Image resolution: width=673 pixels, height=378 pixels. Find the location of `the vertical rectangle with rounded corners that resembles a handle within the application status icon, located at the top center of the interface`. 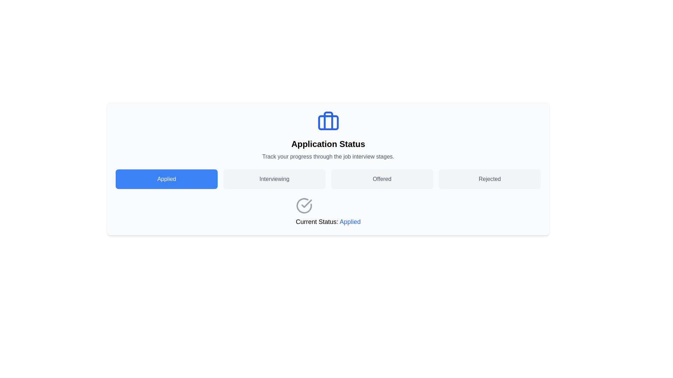

the vertical rectangle with rounded corners that resembles a handle within the application status icon, located at the top center of the interface is located at coordinates (328, 120).